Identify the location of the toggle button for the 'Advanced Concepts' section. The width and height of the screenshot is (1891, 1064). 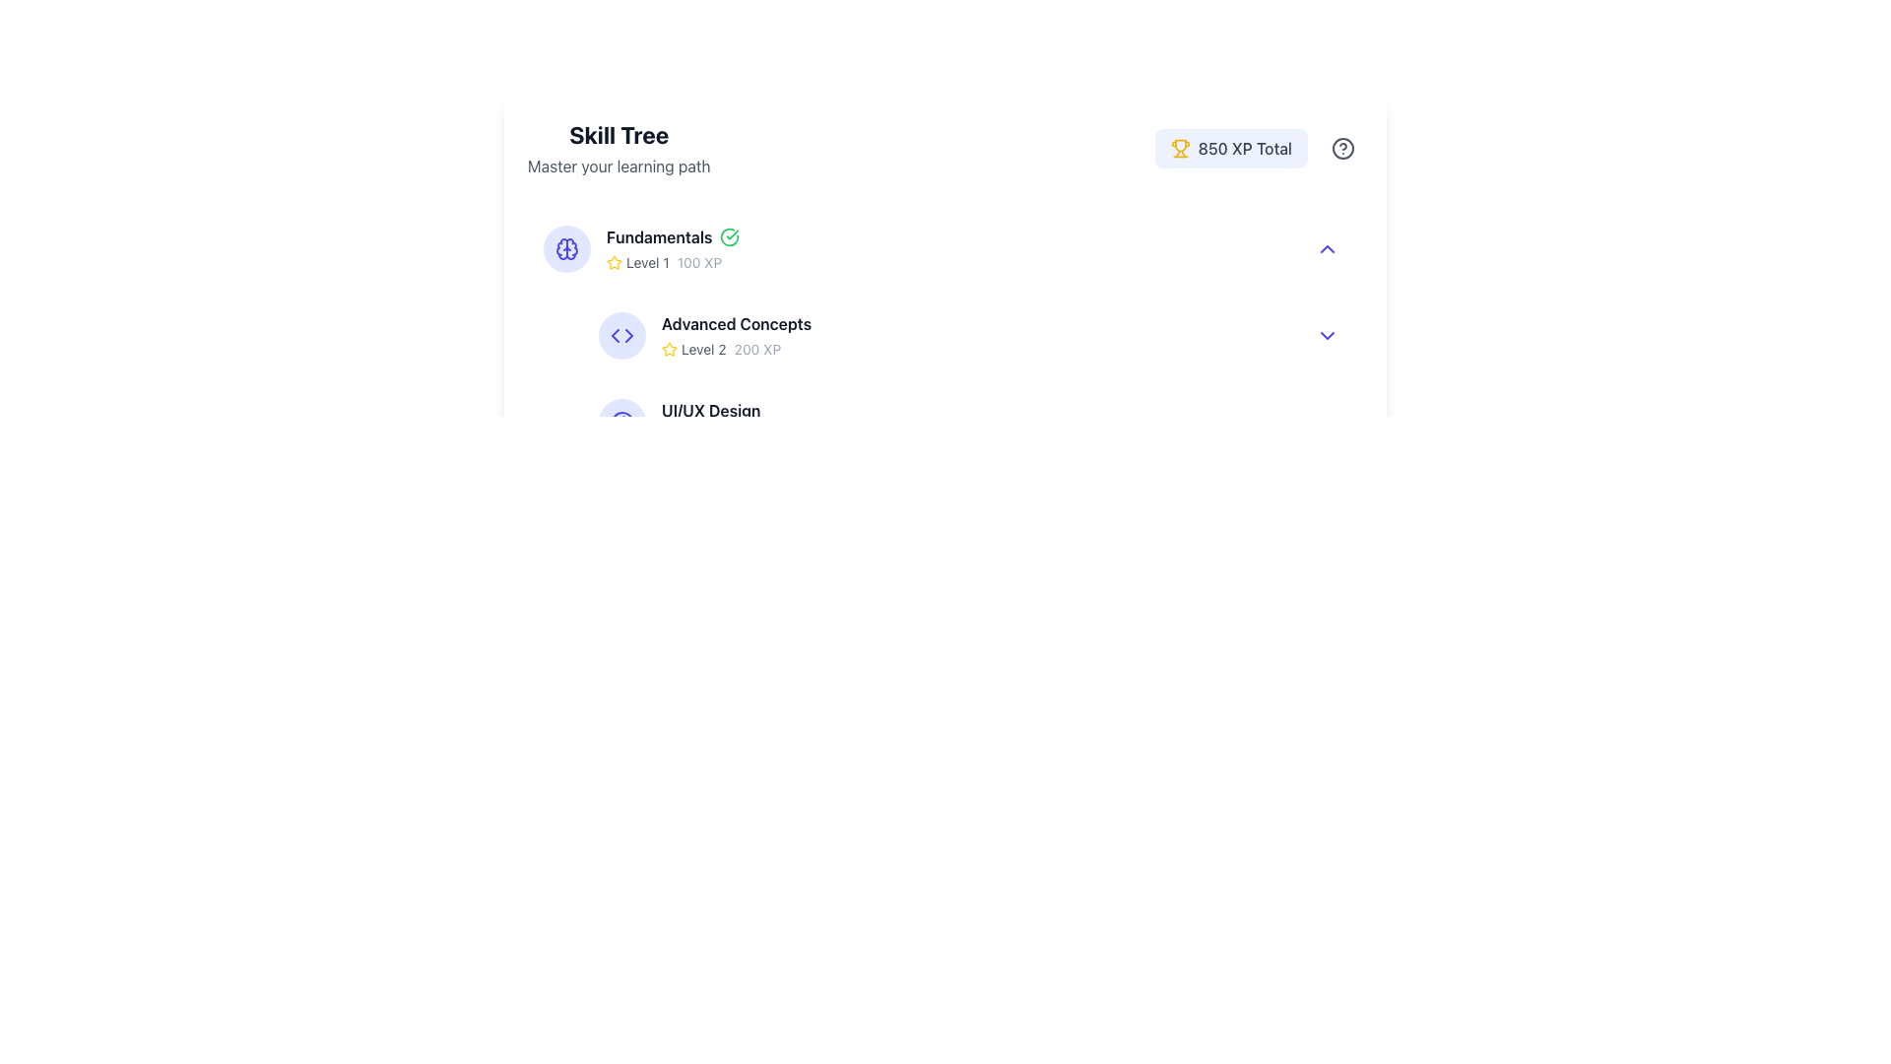
(1328, 334).